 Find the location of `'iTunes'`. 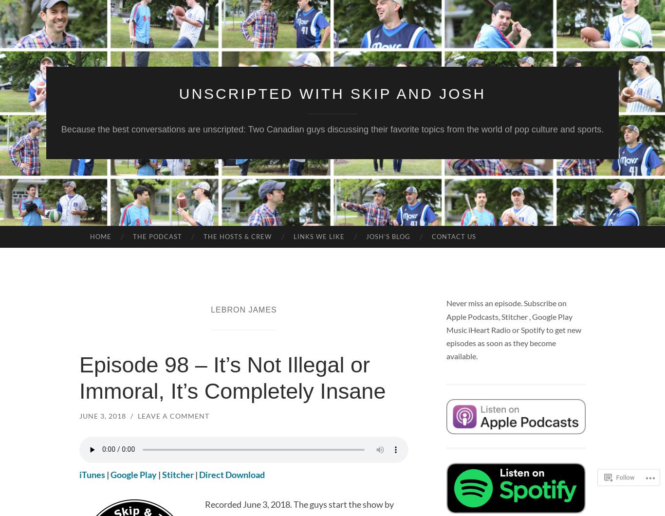

'iTunes' is located at coordinates (92, 474).